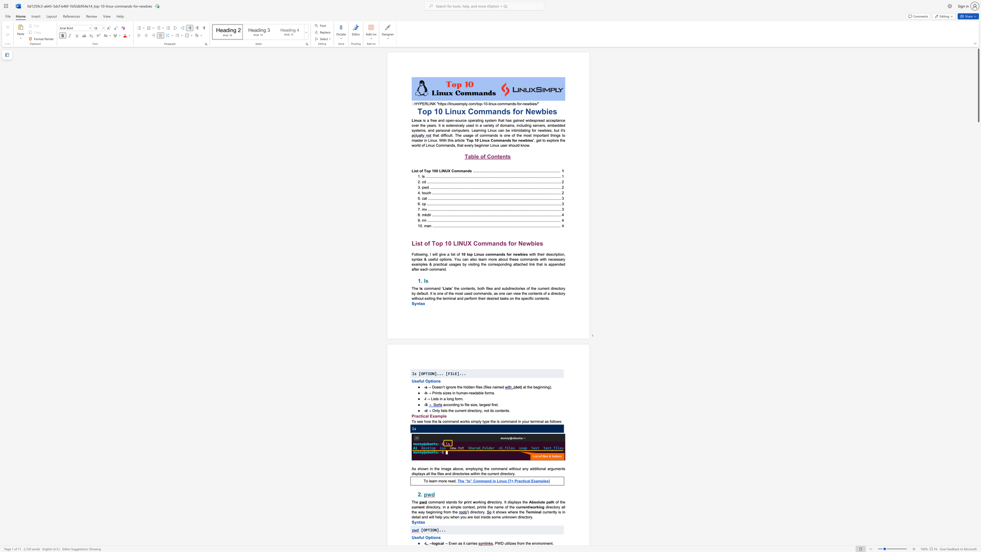 The height and width of the screenshot is (552, 981). Describe the element at coordinates (475, 264) in the screenshot. I see `the 10th character "i" in the text` at that location.